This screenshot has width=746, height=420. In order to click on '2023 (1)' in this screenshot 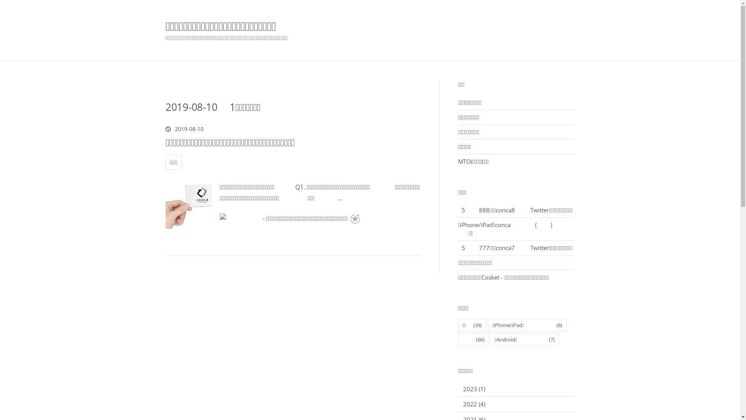, I will do `click(474, 388)`.